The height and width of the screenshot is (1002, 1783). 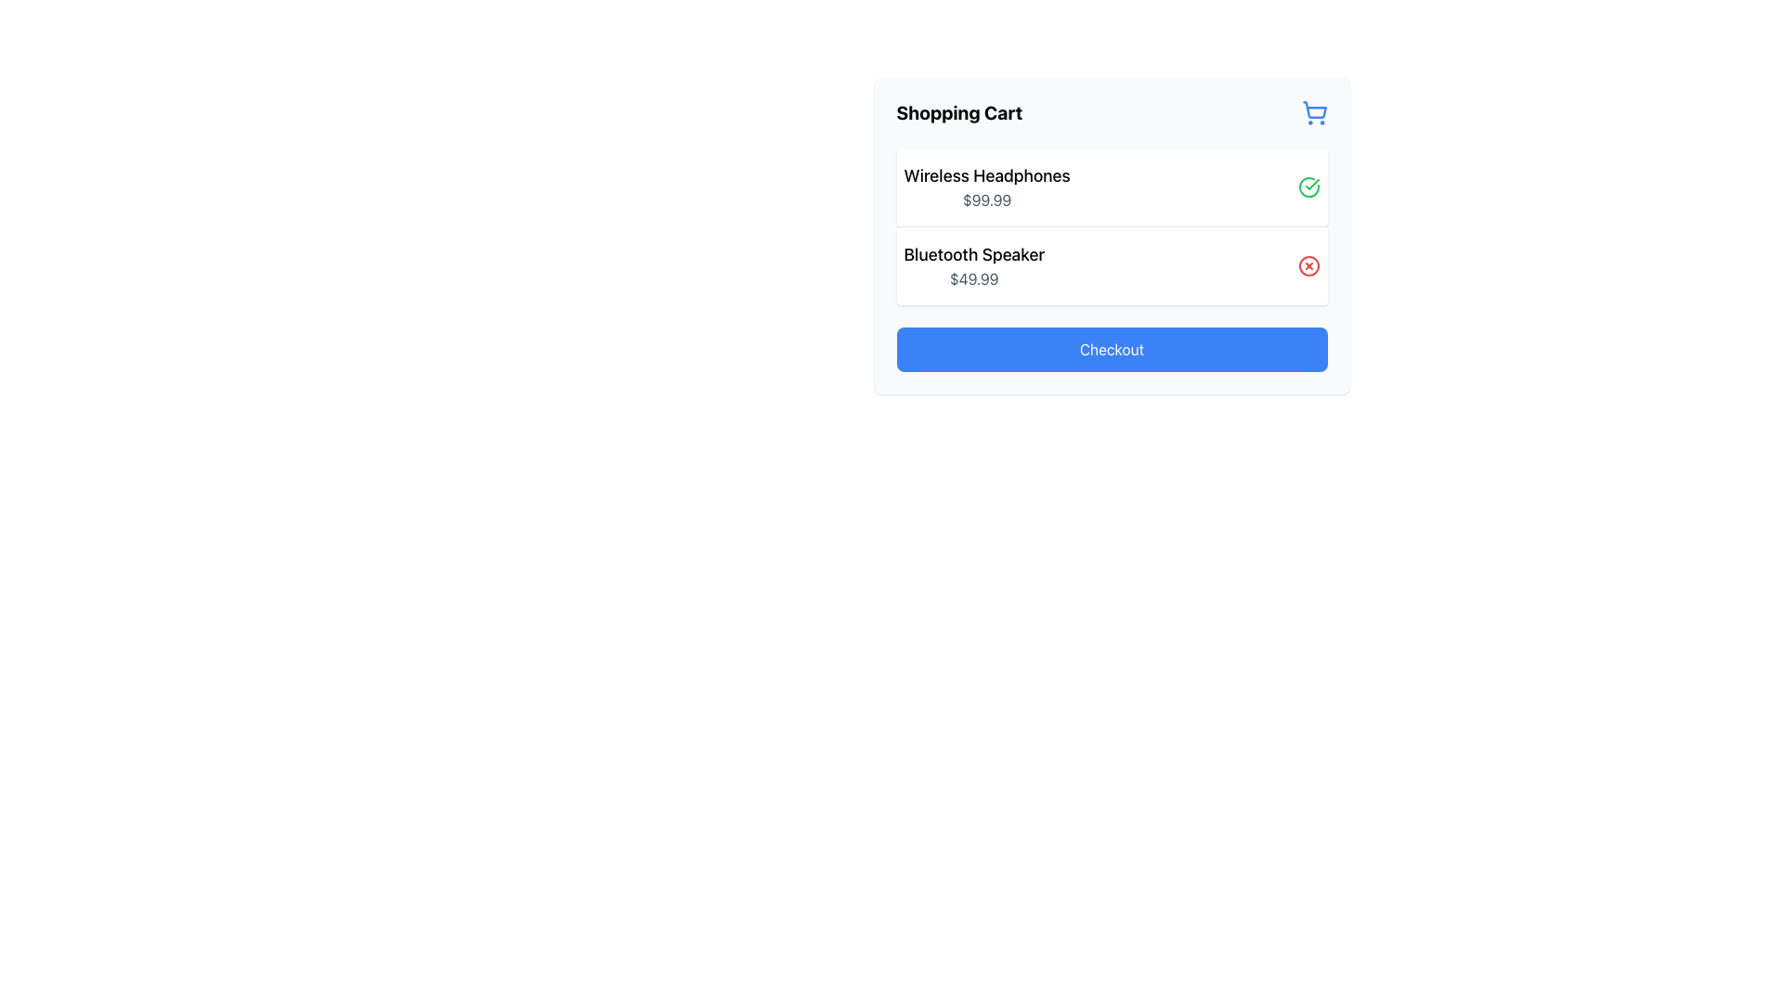 What do you see at coordinates (986, 186) in the screenshot?
I see `the 'Wireless Headphones' text element, which includes the title in bold and the price in gray, located in the shopping cart interface as the first item listed above 'Bluetooth Speaker'` at bounding box center [986, 186].